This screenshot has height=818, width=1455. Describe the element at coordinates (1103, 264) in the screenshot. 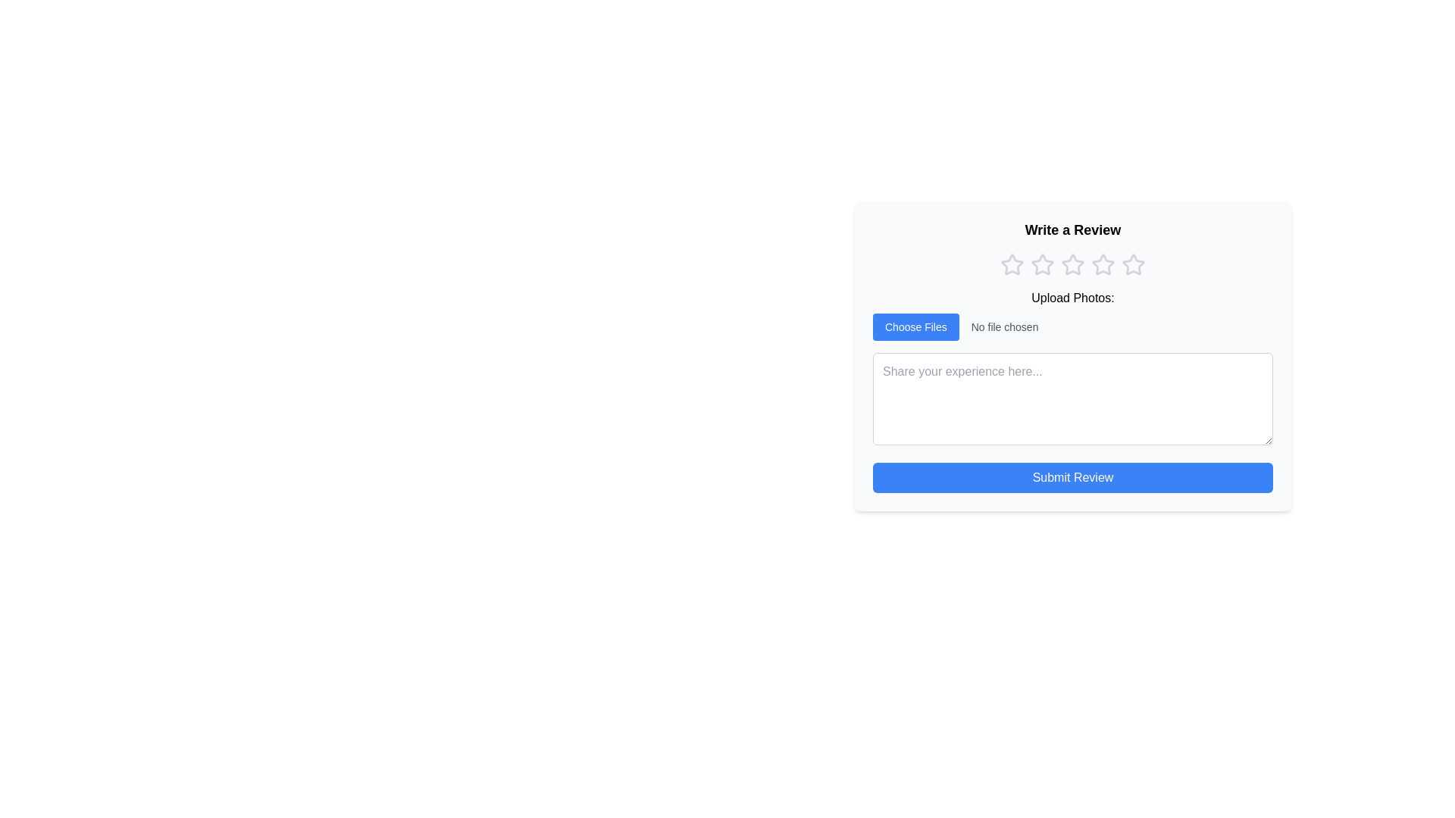

I see `the fourth star icon in the rating selection` at that location.